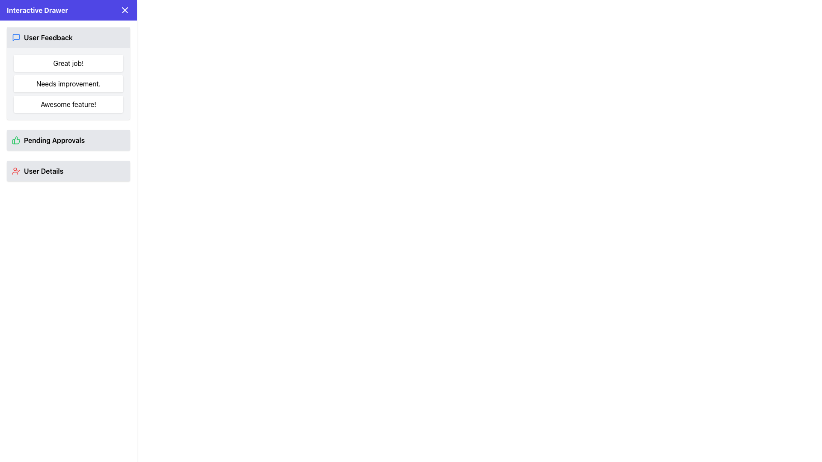 Image resolution: width=822 pixels, height=462 pixels. I want to click on displayed text from the second text block in the 'User Feedback' section, which contains the bold text 'Needs improvement.', so click(68, 84).